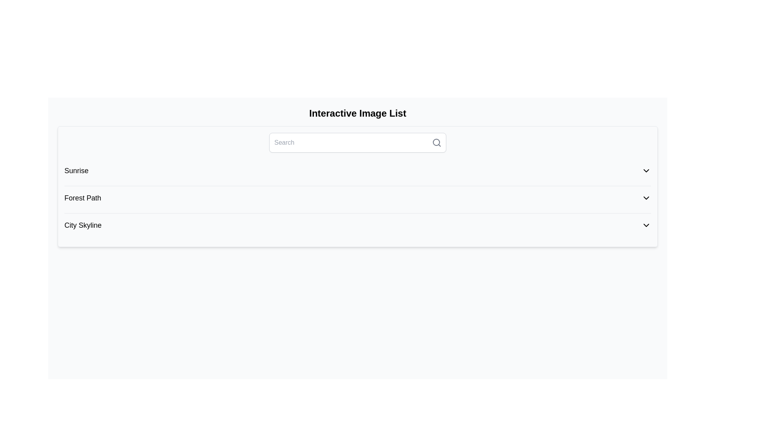  Describe the element at coordinates (646, 225) in the screenshot. I see `the downward-pointing chevron arrow symbol` at that location.